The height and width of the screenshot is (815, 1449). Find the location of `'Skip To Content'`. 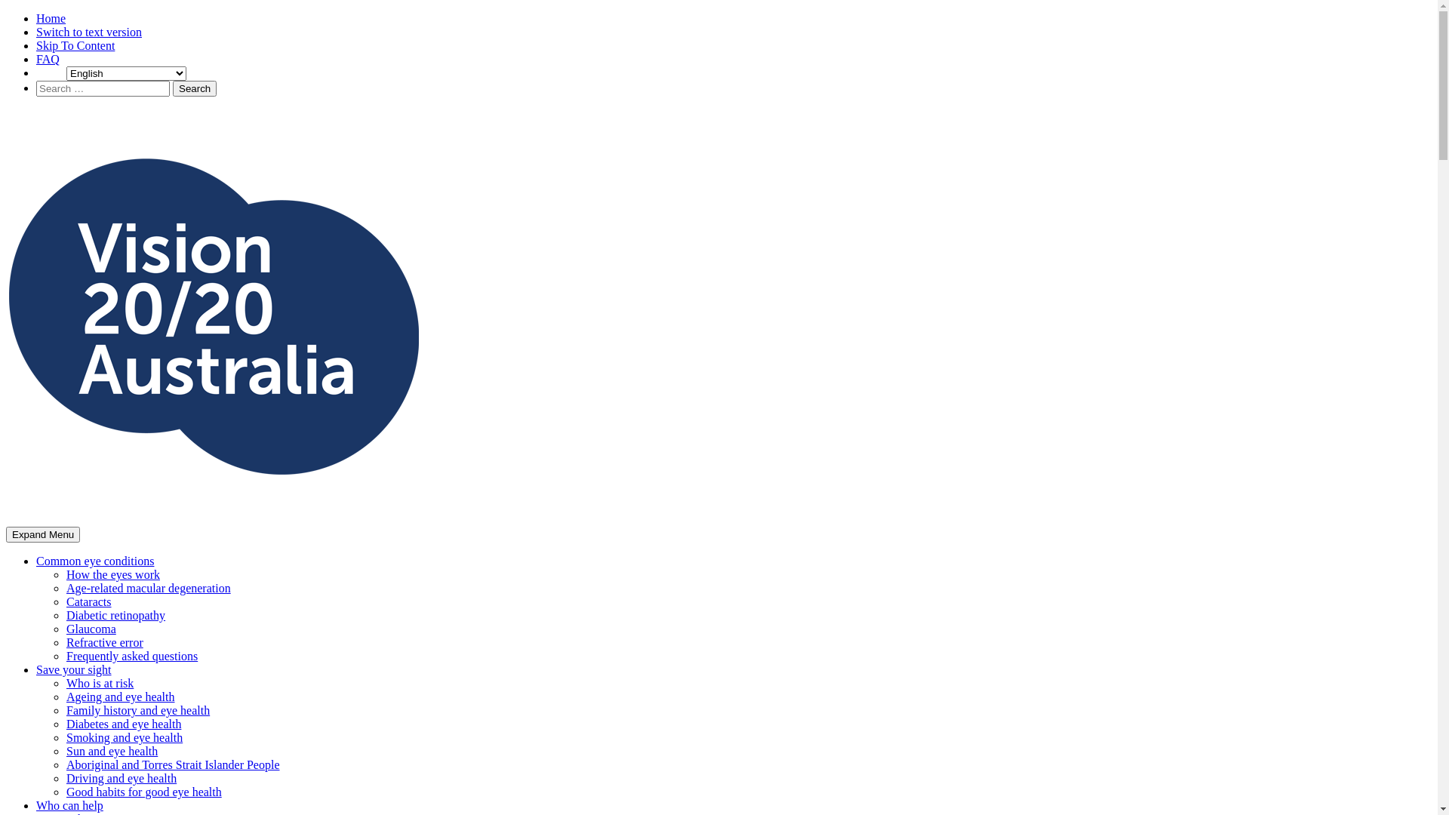

'Skip To Content' is located at coordinates (75, 45).